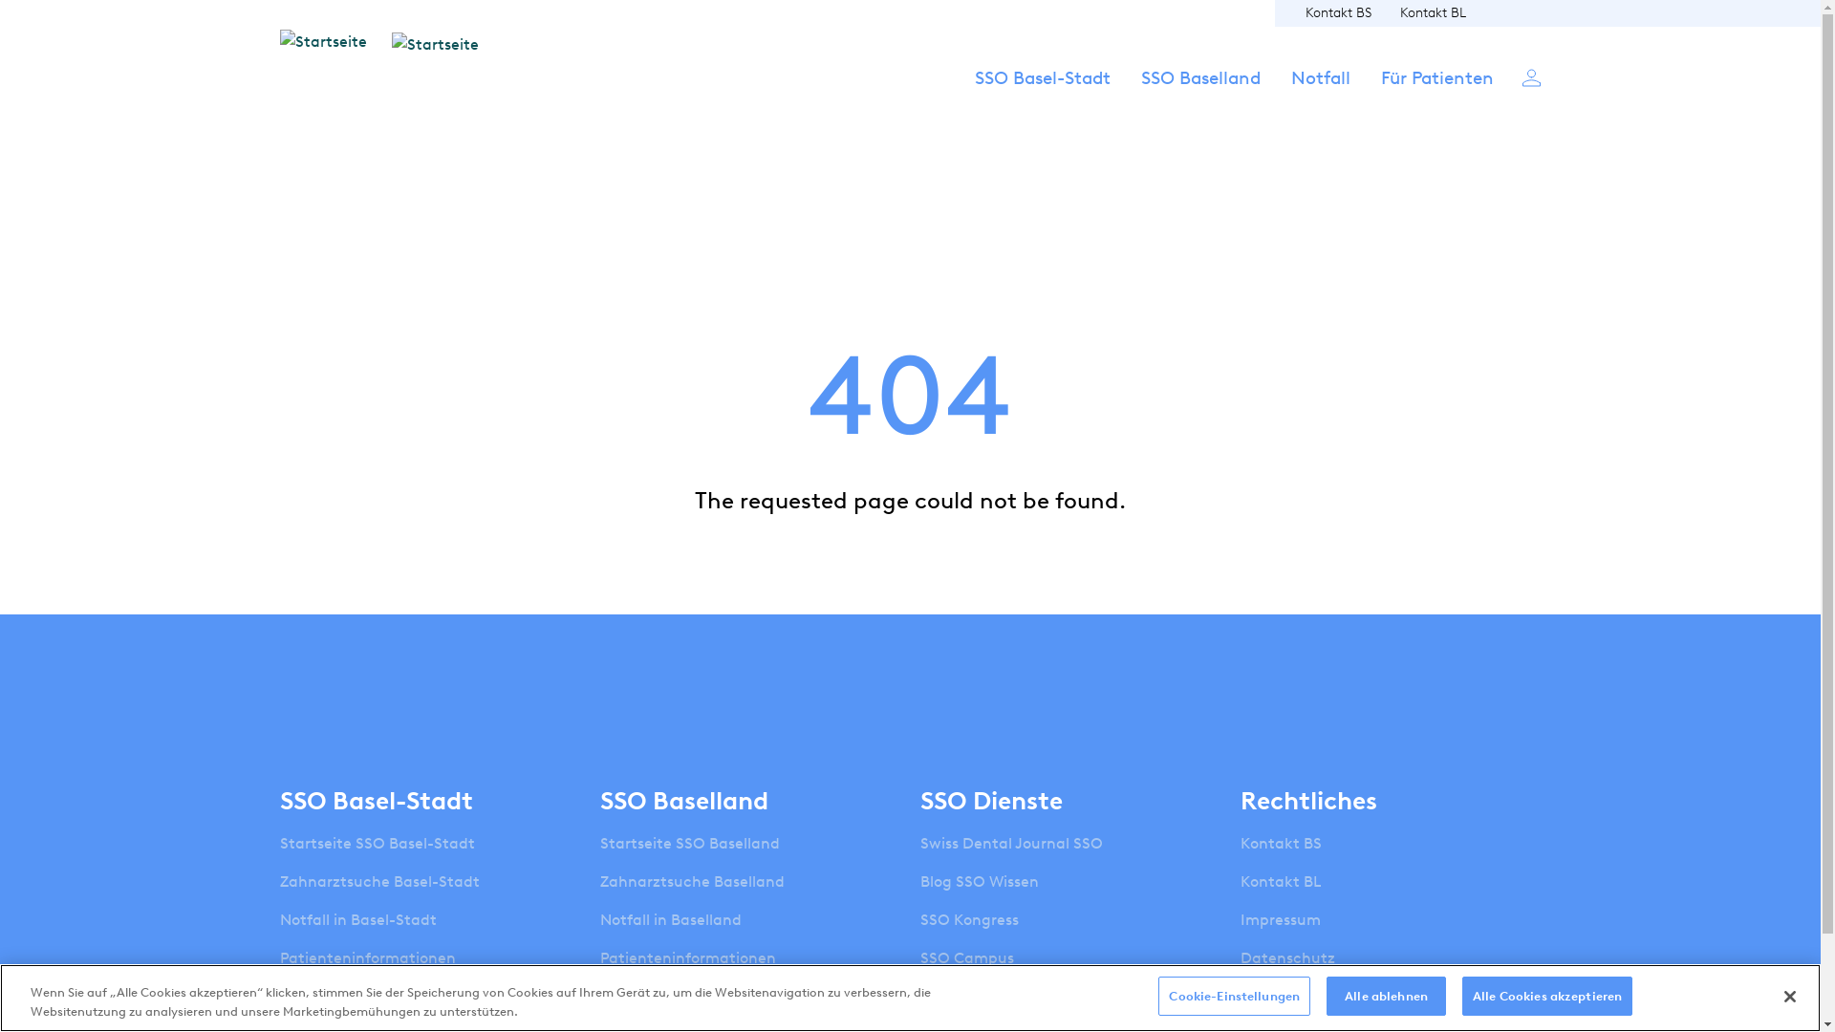  I want to click on 'Kontakt BL', so click(1432, 12).